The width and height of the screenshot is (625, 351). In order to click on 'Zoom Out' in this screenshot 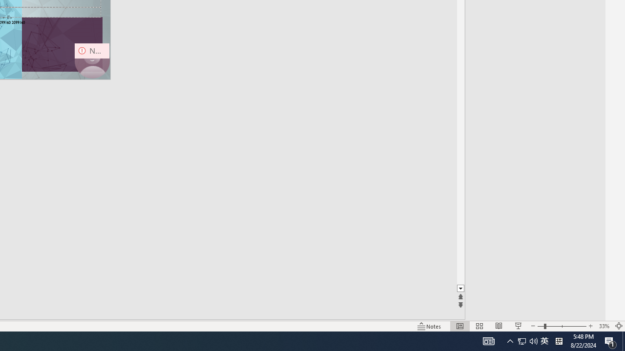, I will do `click(540, 326)`.